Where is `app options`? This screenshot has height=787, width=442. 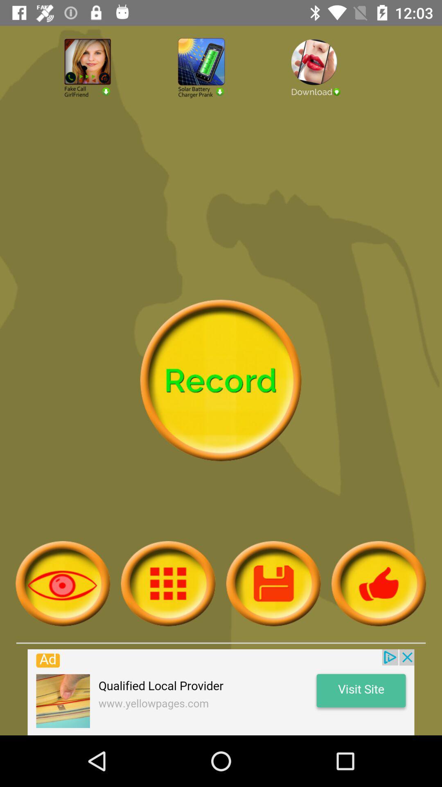 app options is located at coordinates (168, 583).